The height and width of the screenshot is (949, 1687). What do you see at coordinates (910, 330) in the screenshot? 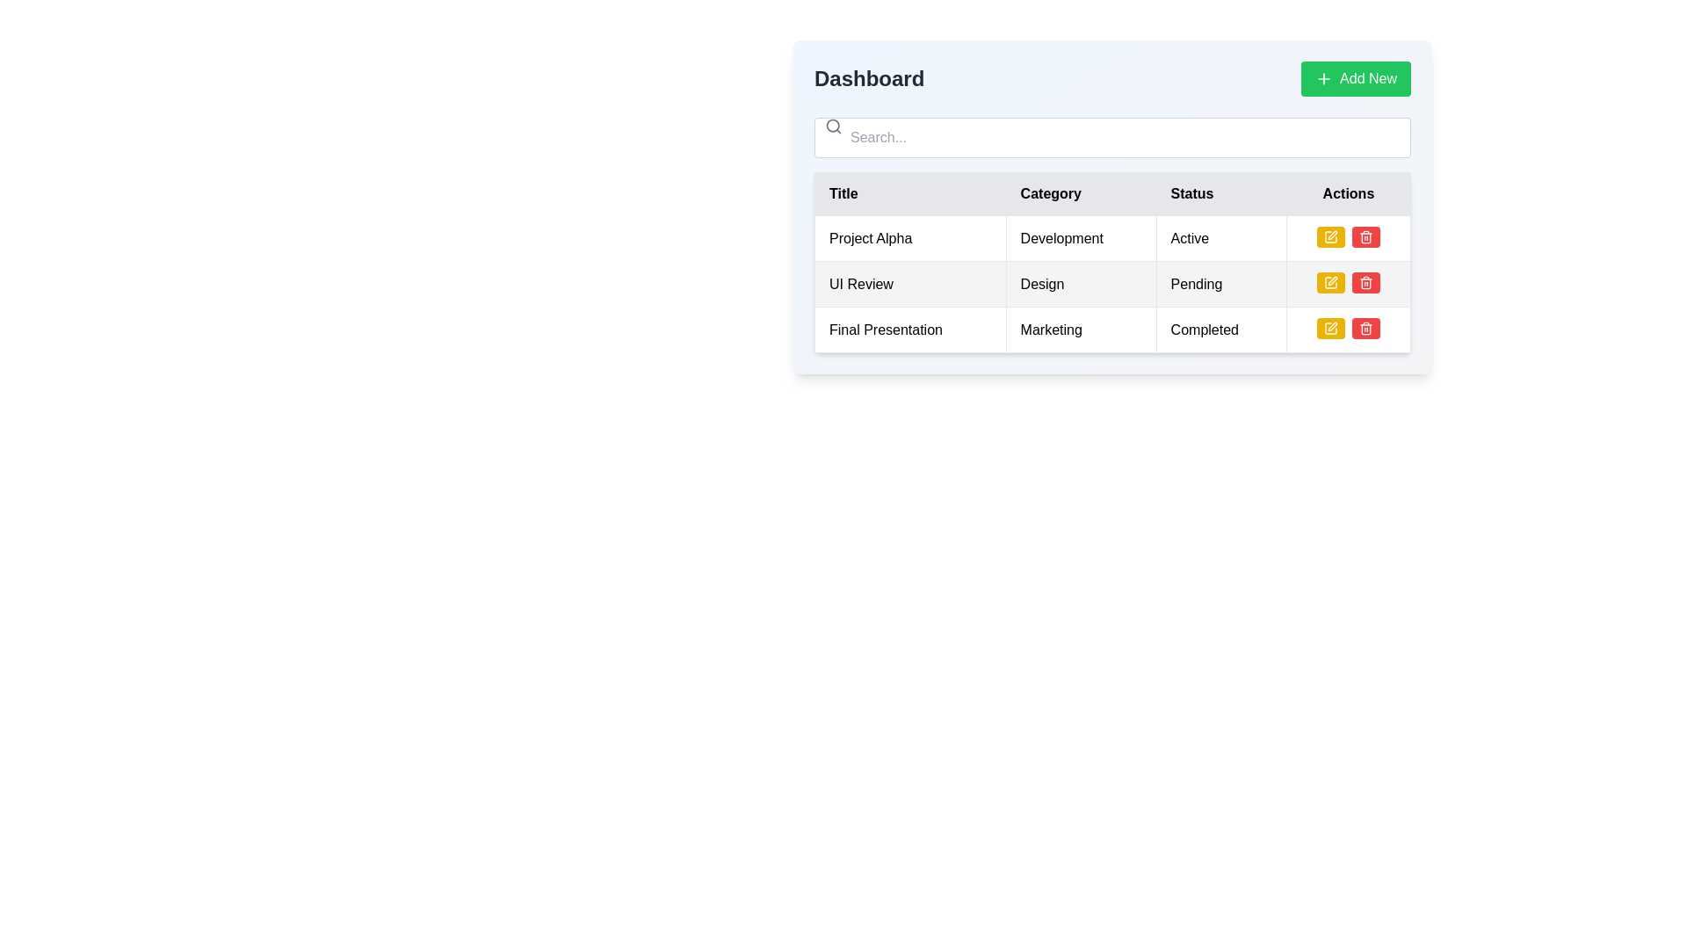
I see `text from the title label located in the third row of the table under the 'Title' column` at bounding box center [910, 330].